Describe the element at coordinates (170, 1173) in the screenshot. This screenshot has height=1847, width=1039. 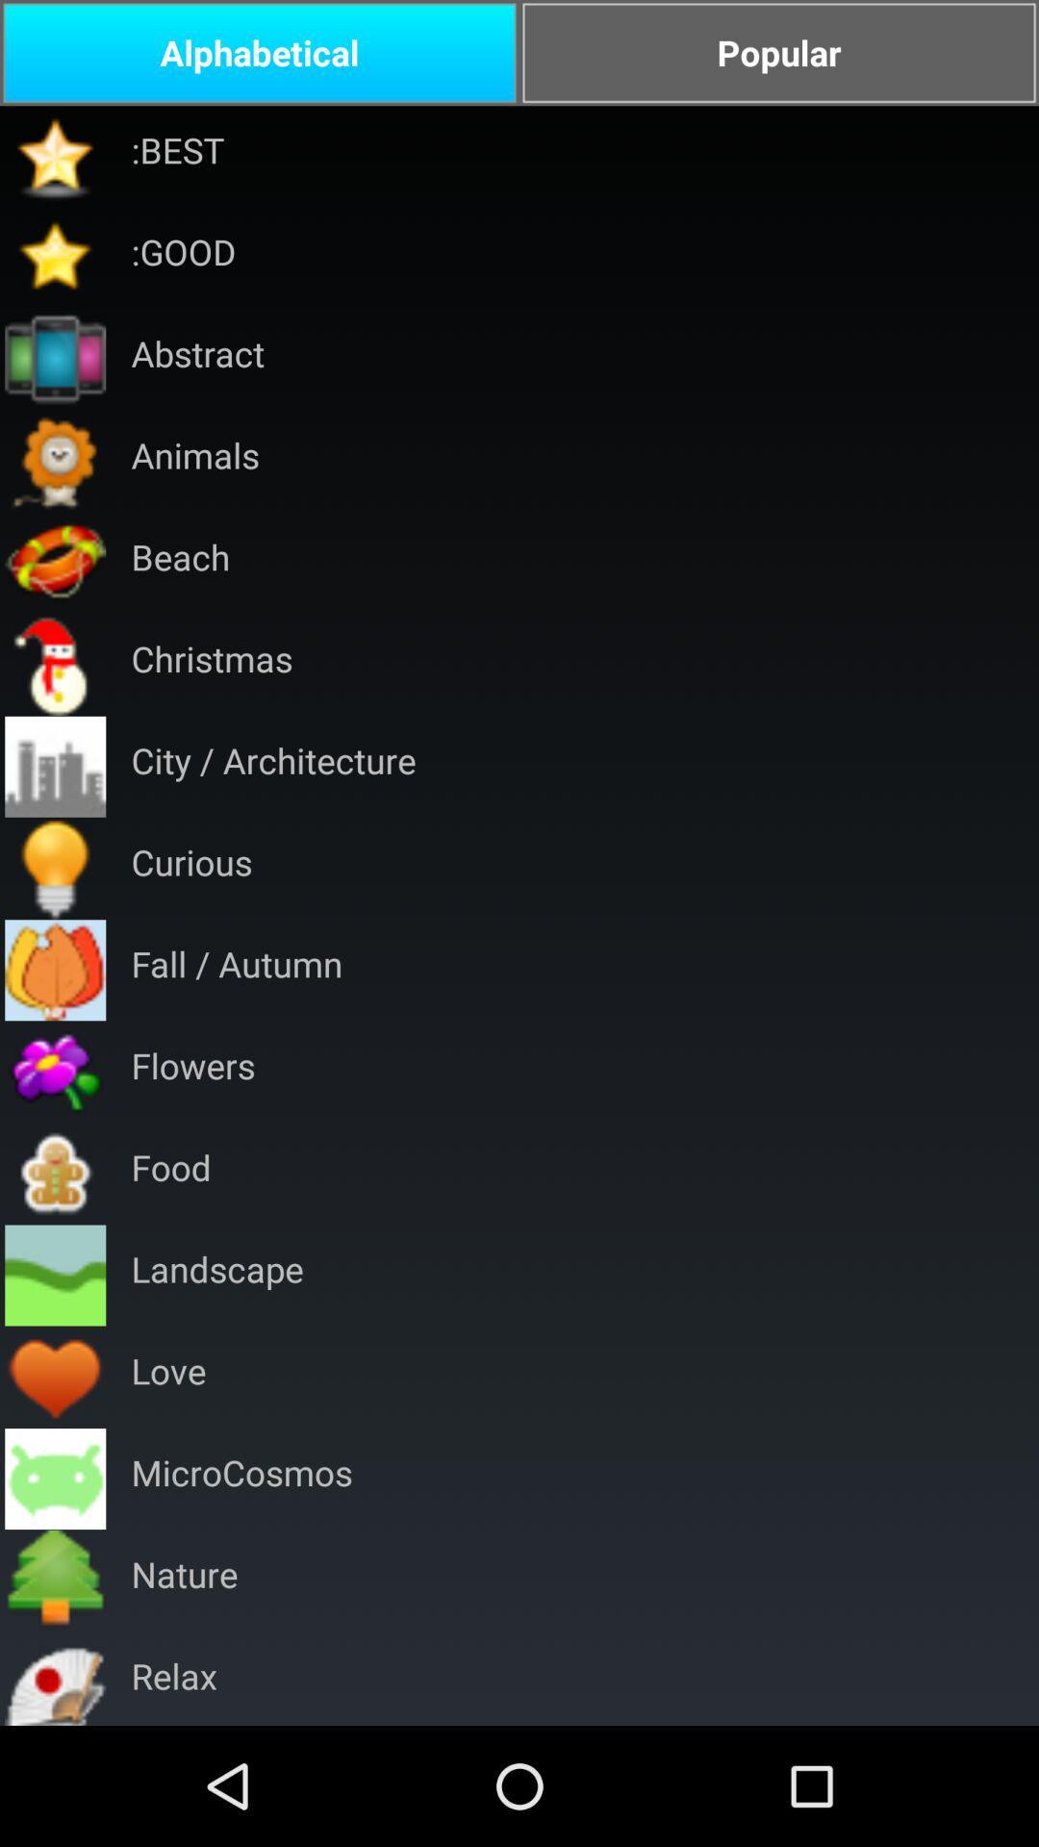
I see `the food app` at that location.